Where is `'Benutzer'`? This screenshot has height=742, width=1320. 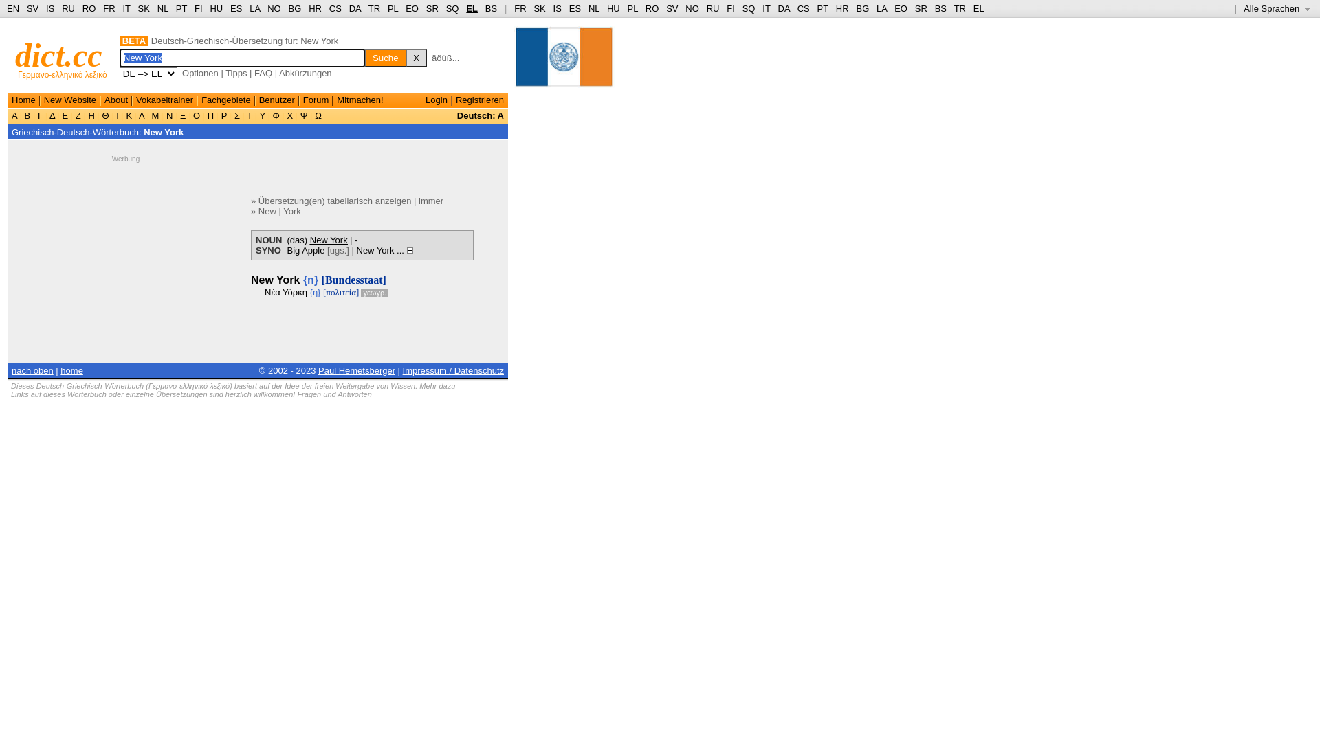
'Benutzer' is located at coordinates (276, 99).